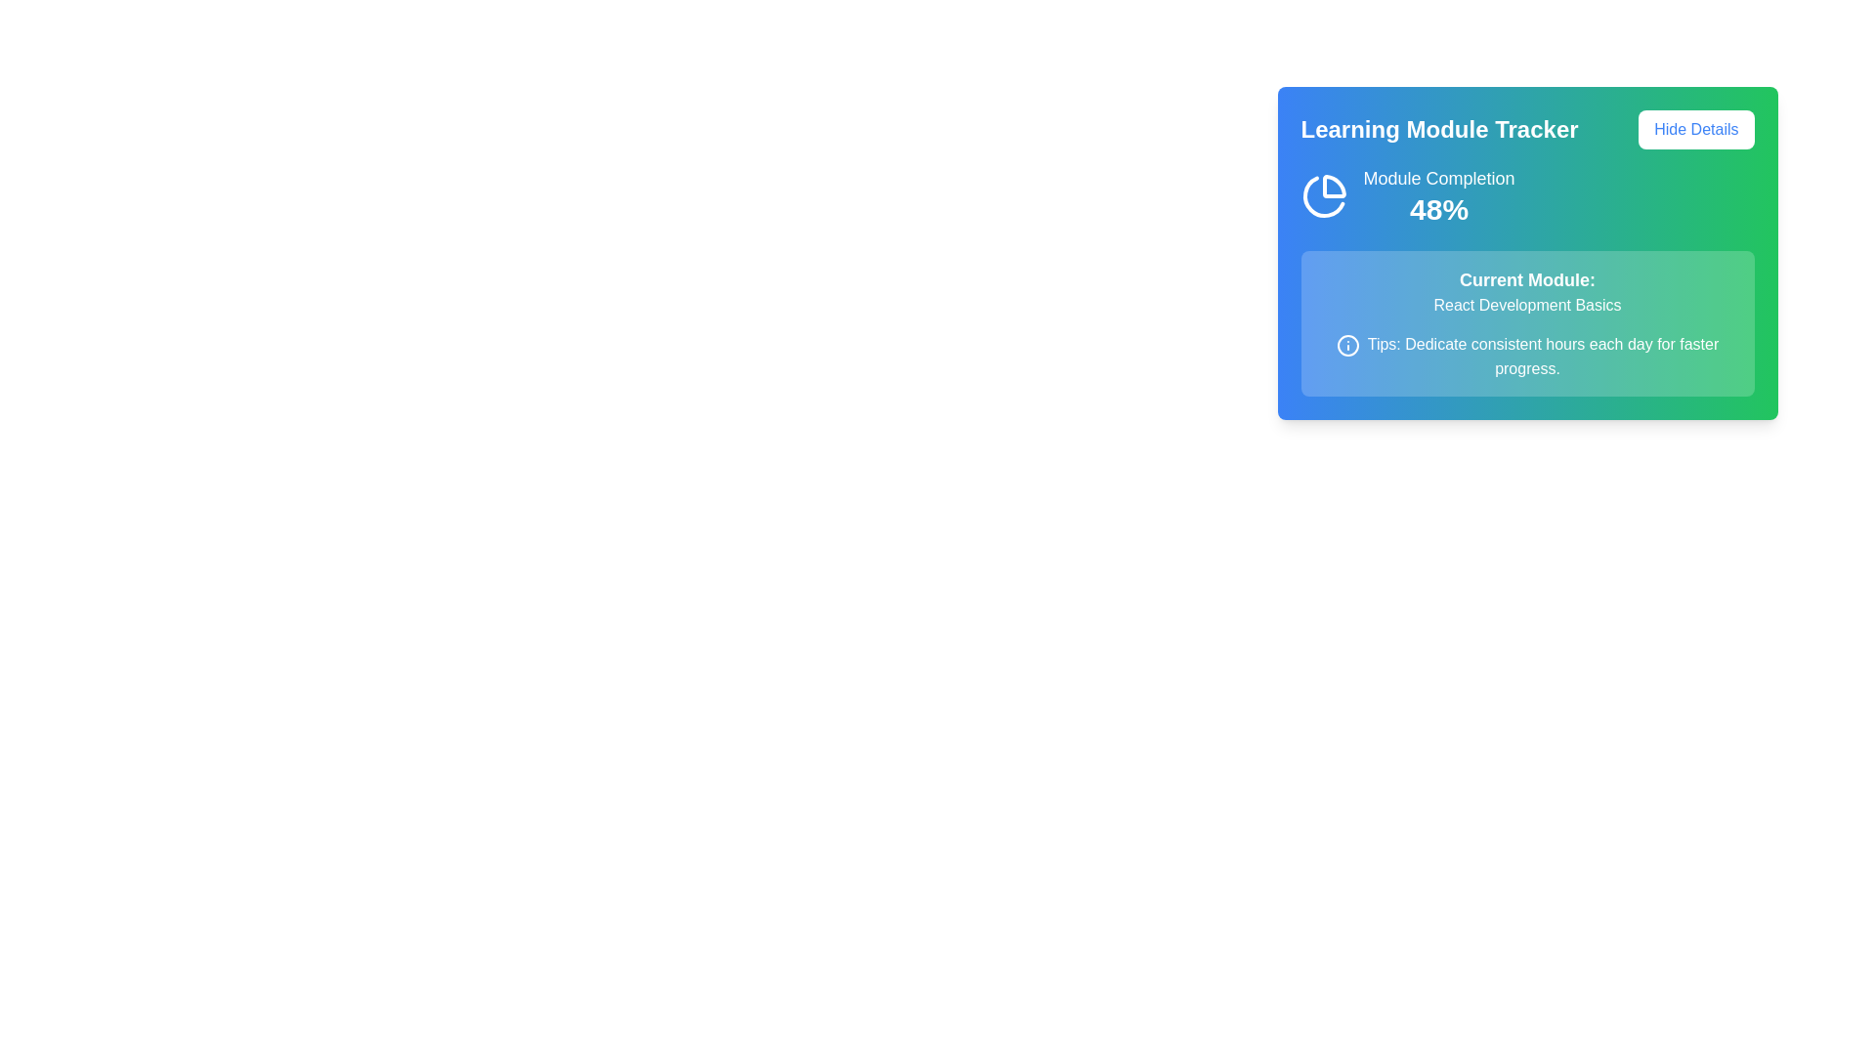 The width and height of the screenshot is (1876, 1055). I want to click on the text label displaying 'React Development Basics' located below the 'Current Module:' text in the 'Learning Module Tracker' card, so click(1526, 305).